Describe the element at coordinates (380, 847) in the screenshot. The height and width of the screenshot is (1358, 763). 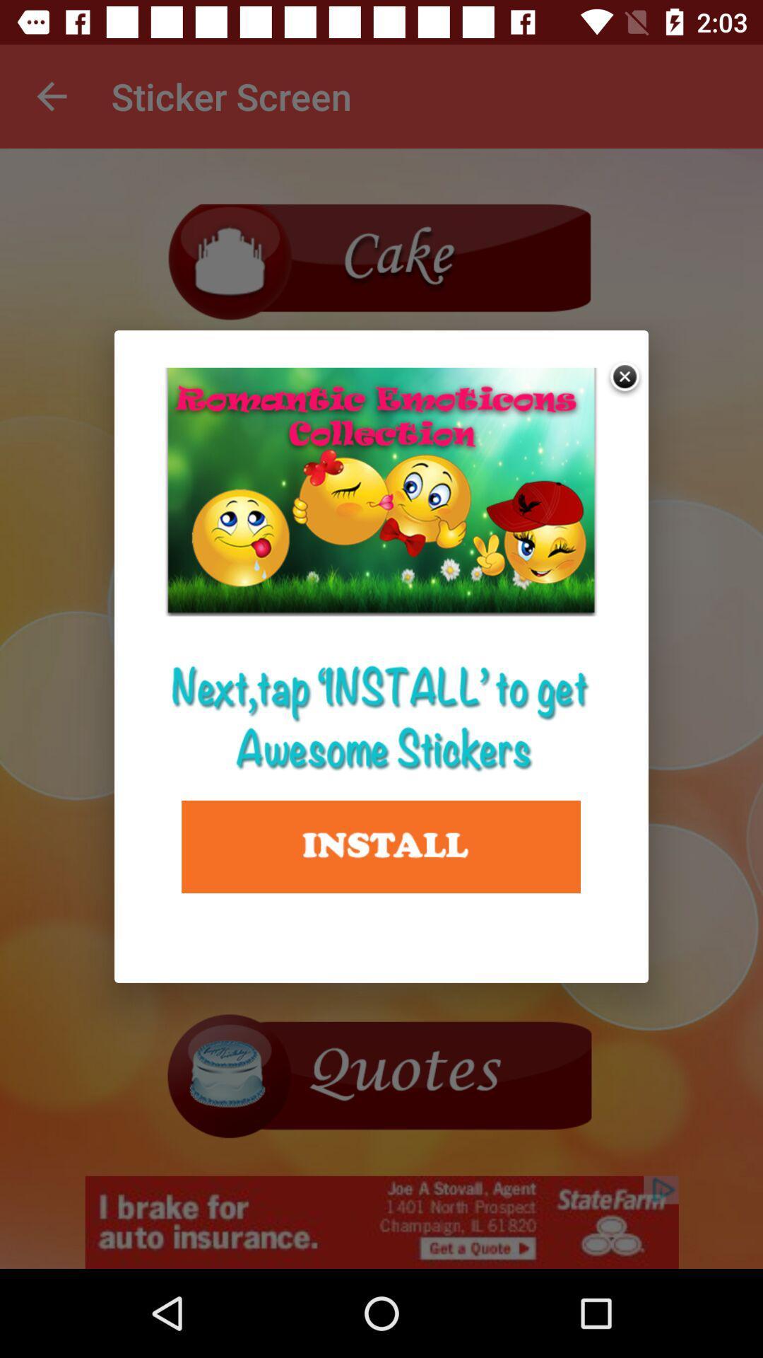
I see `install option` at that location.